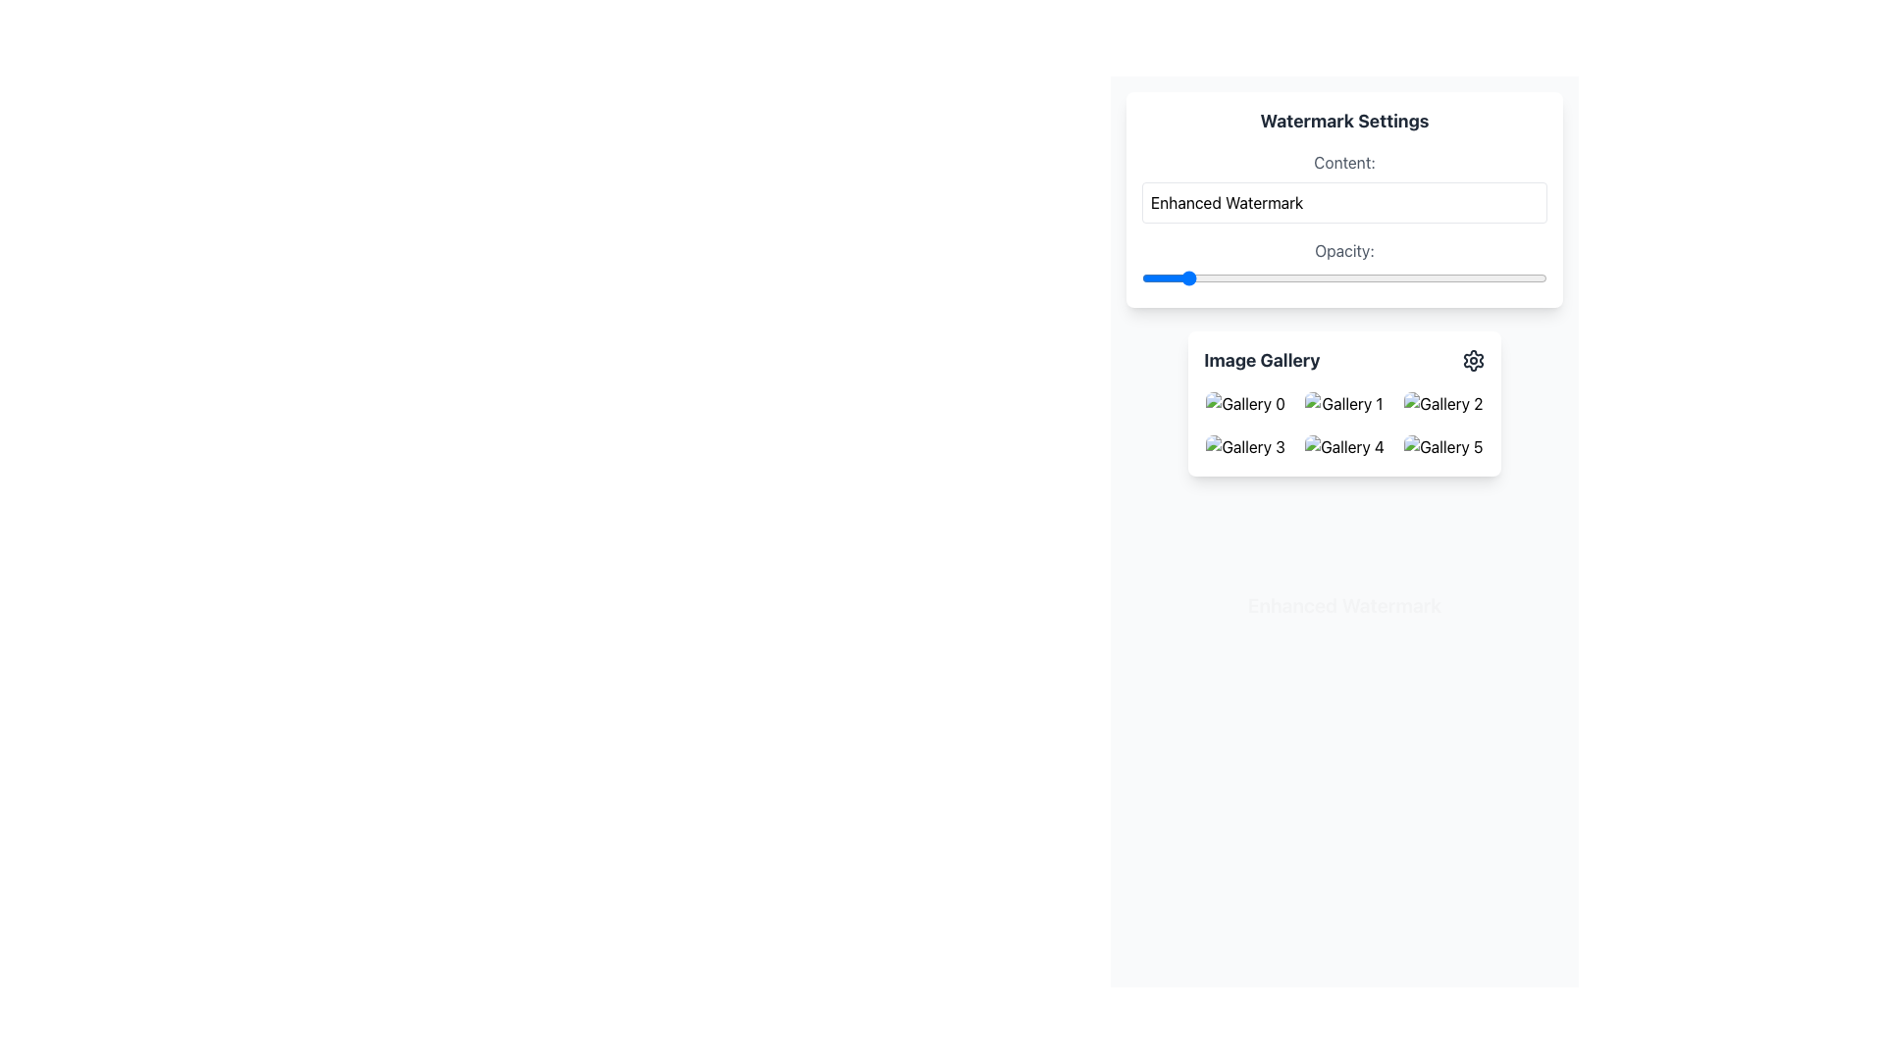  I want to click on the slider value, so click(1141, 278).